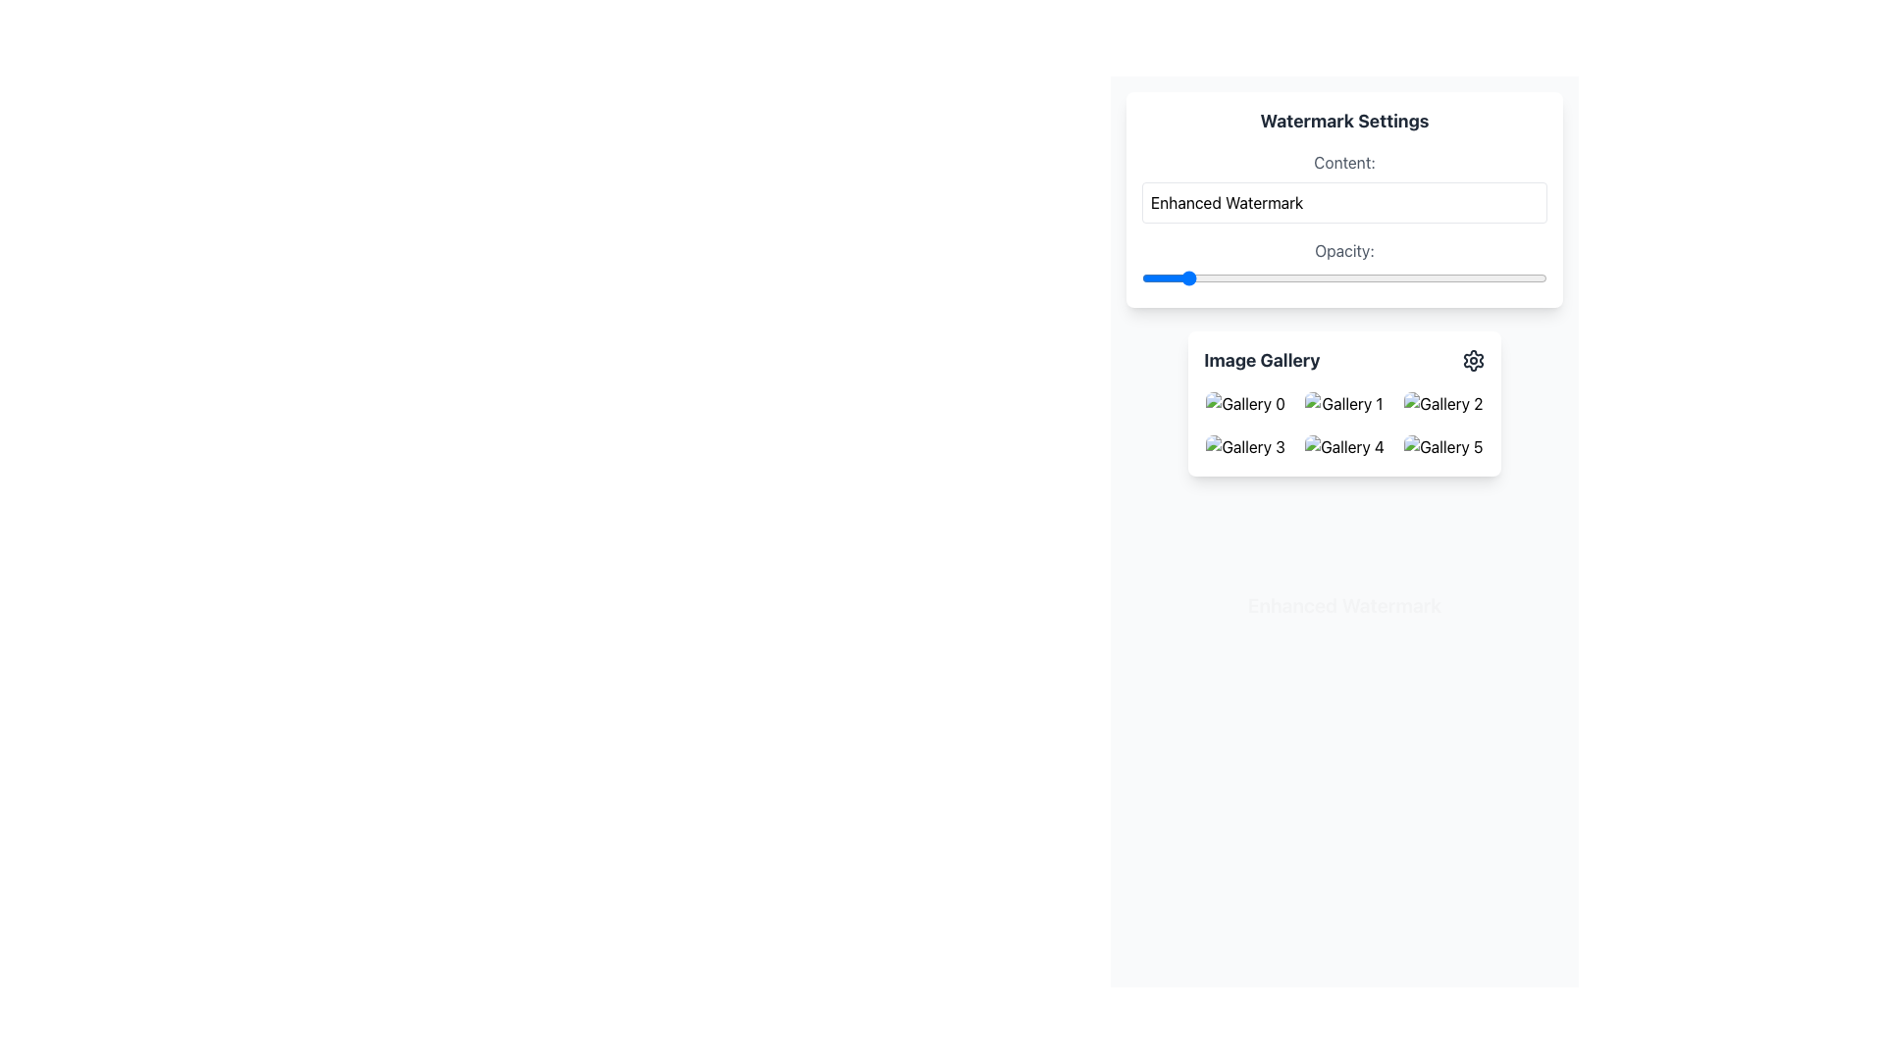  I want to click on the slider value, so click(1141, 278).